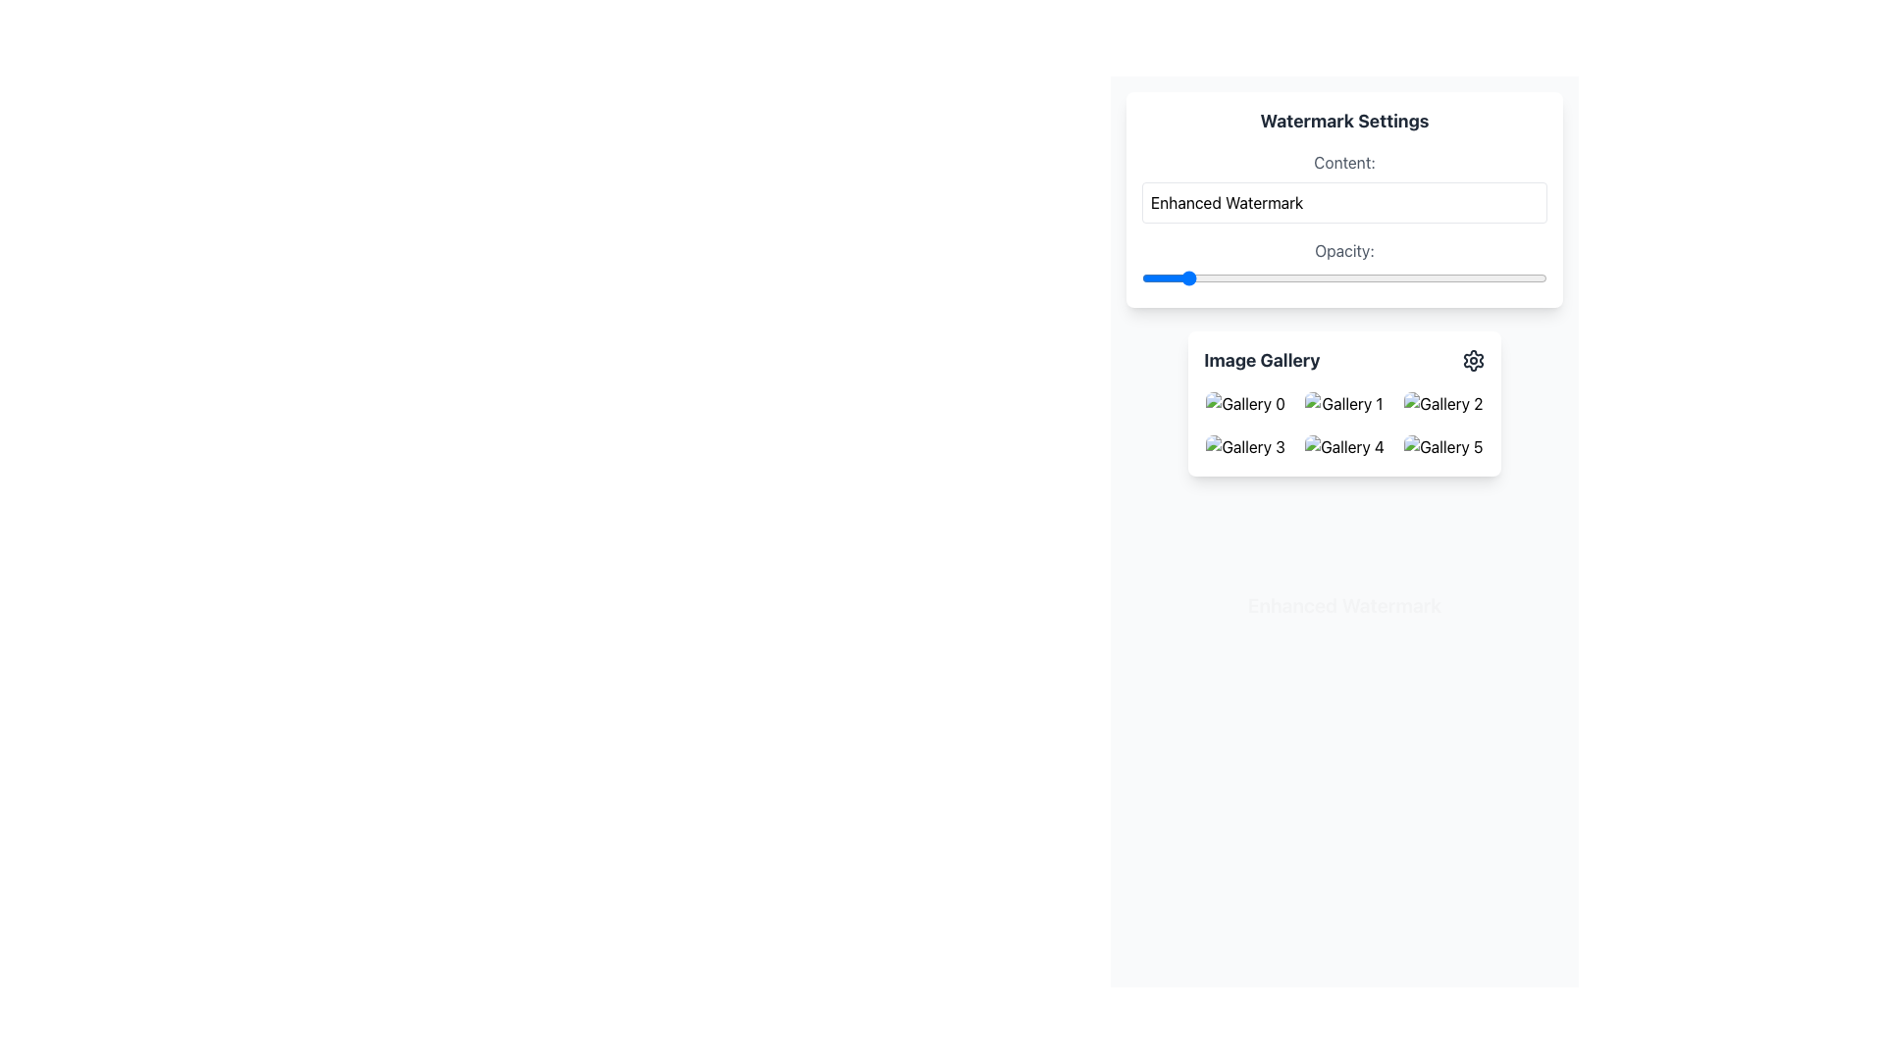  I want to click on the slider value, so click(1141, 278).